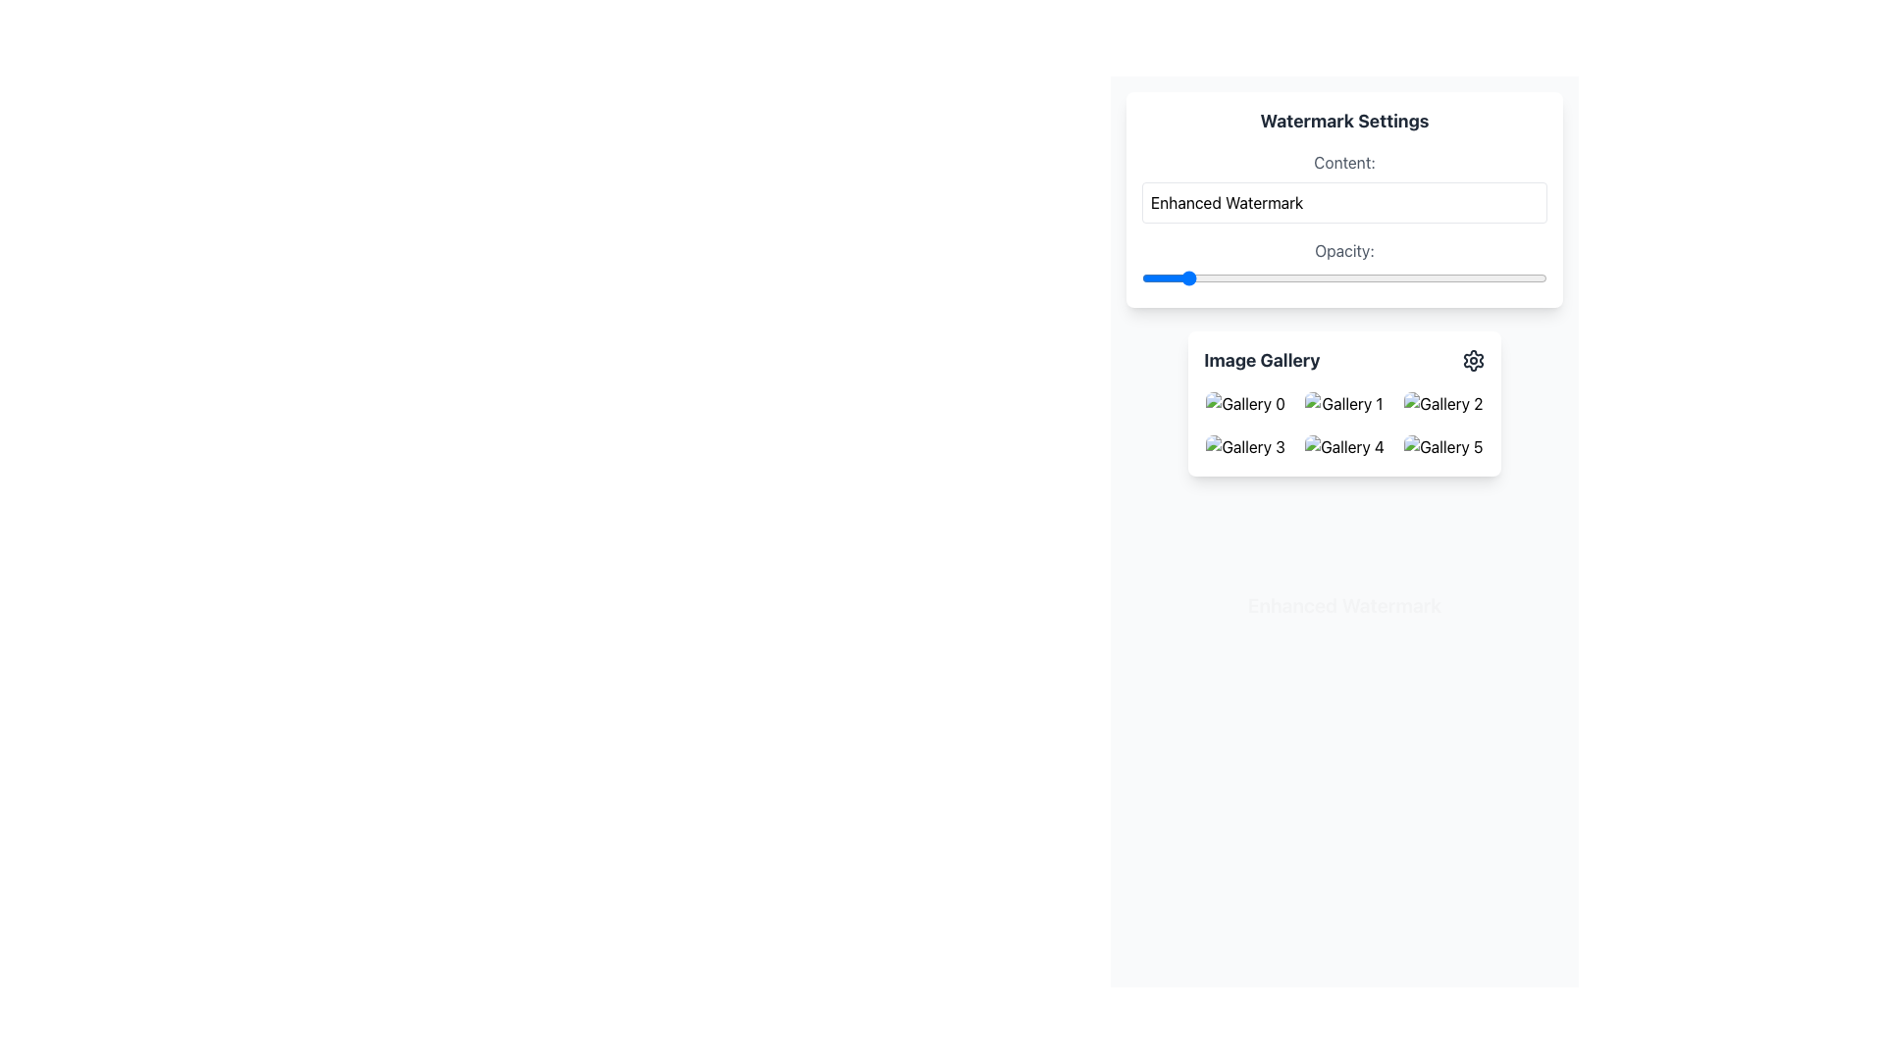  I want to click on the slider value, so click(1141, 278).